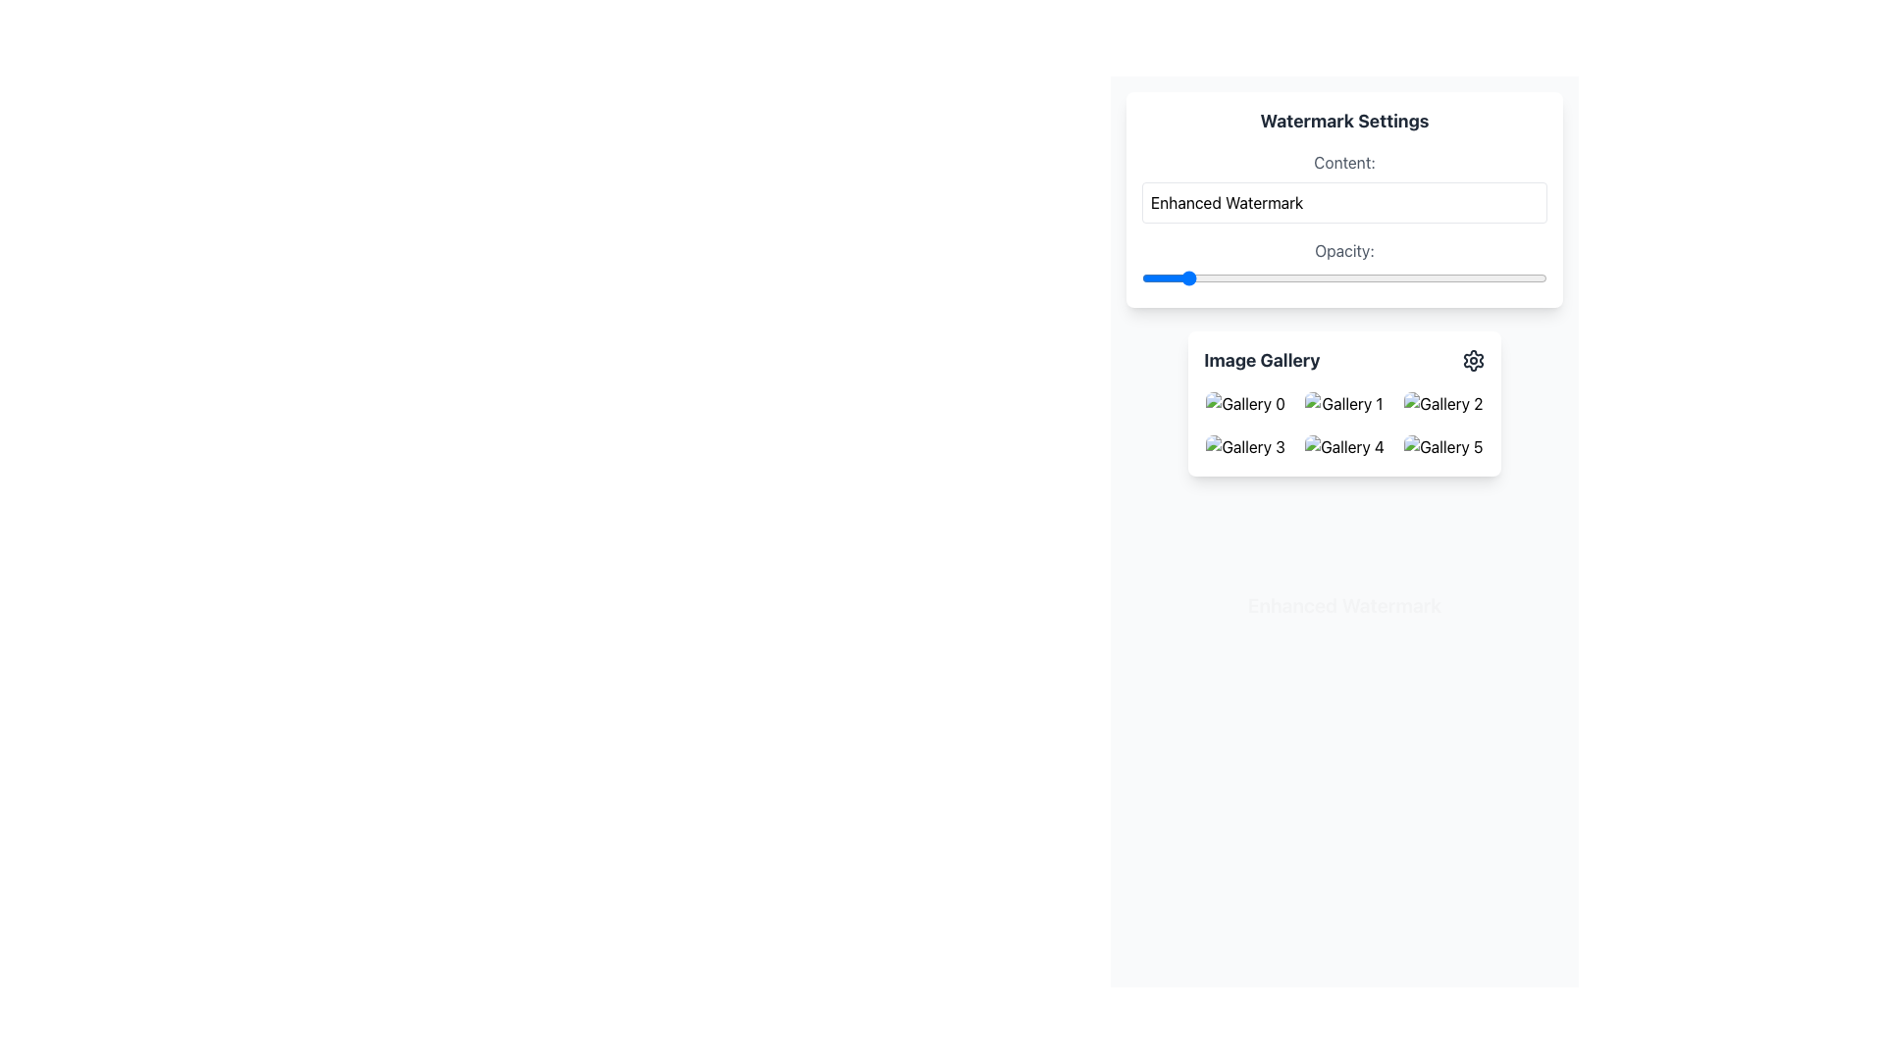  I want to click on the slider value, so click(1141, 278).